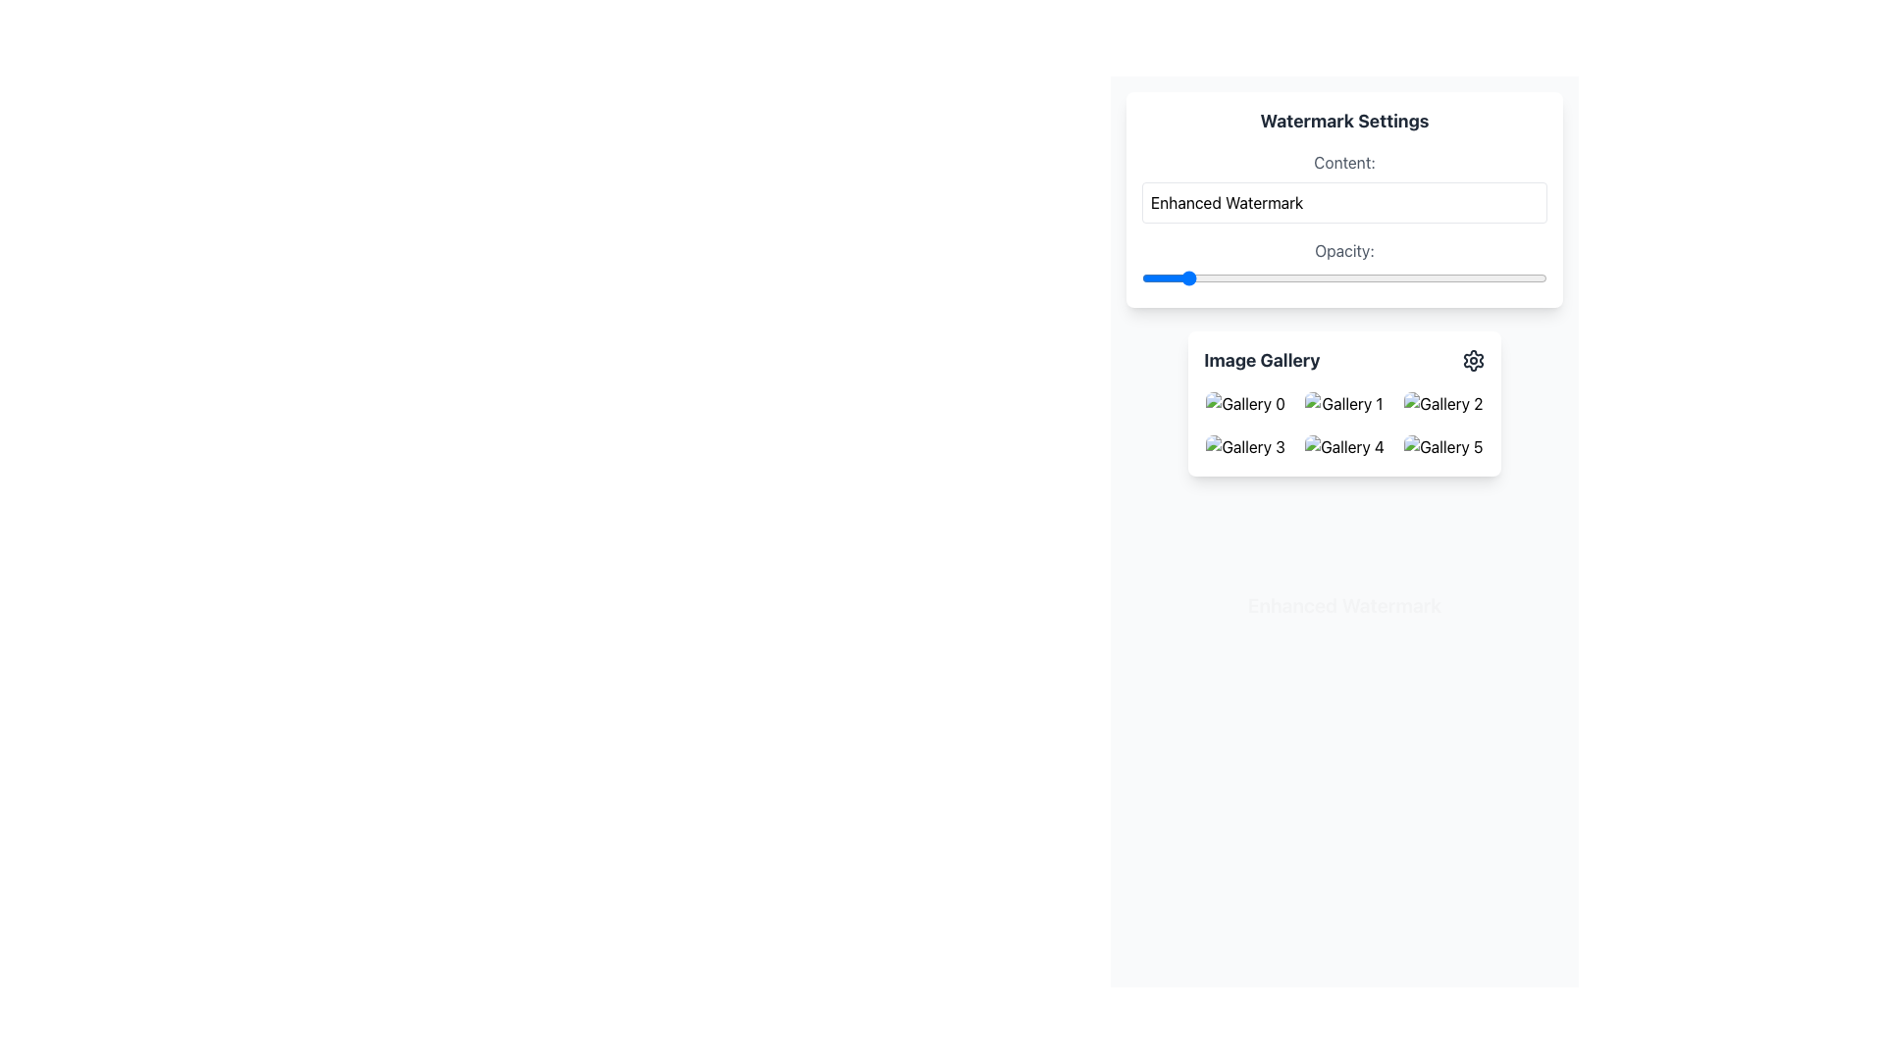  I want to click on the slider value, so click(1141, 278).